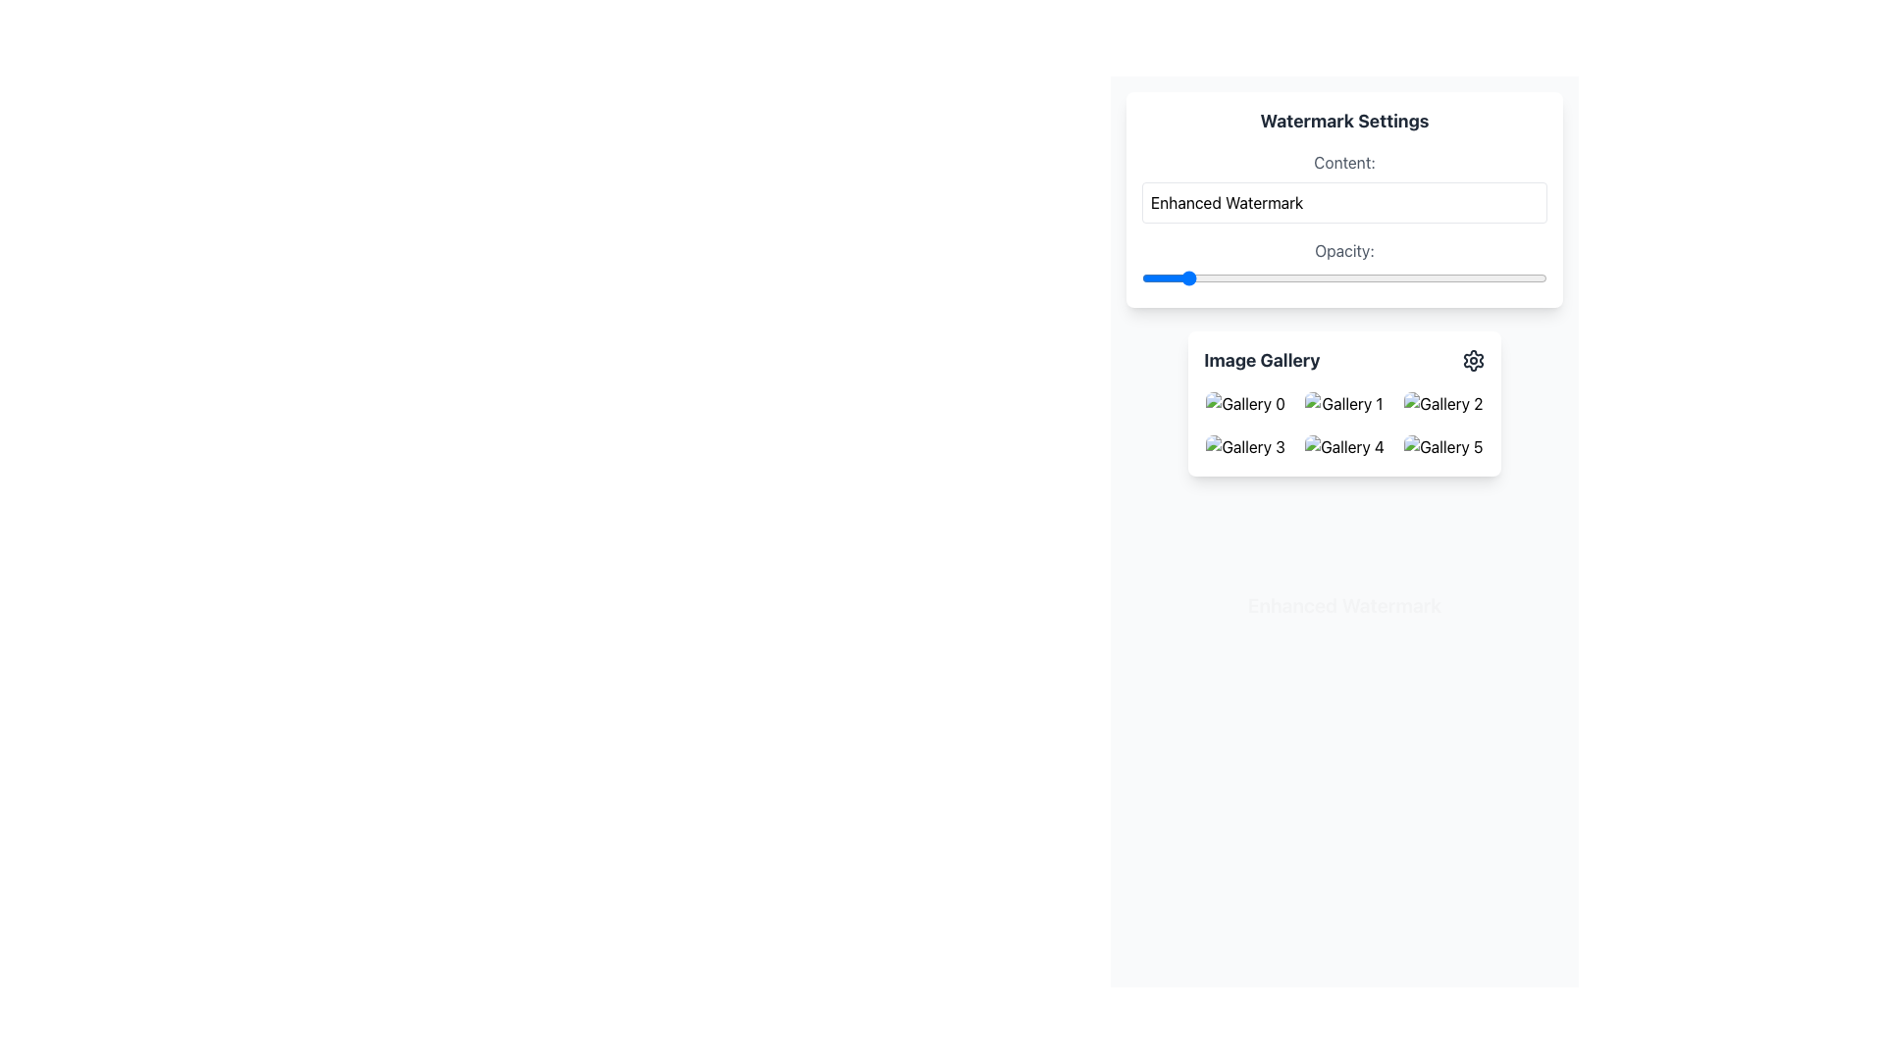  I want to click on the slider value, so click(1141, 278).